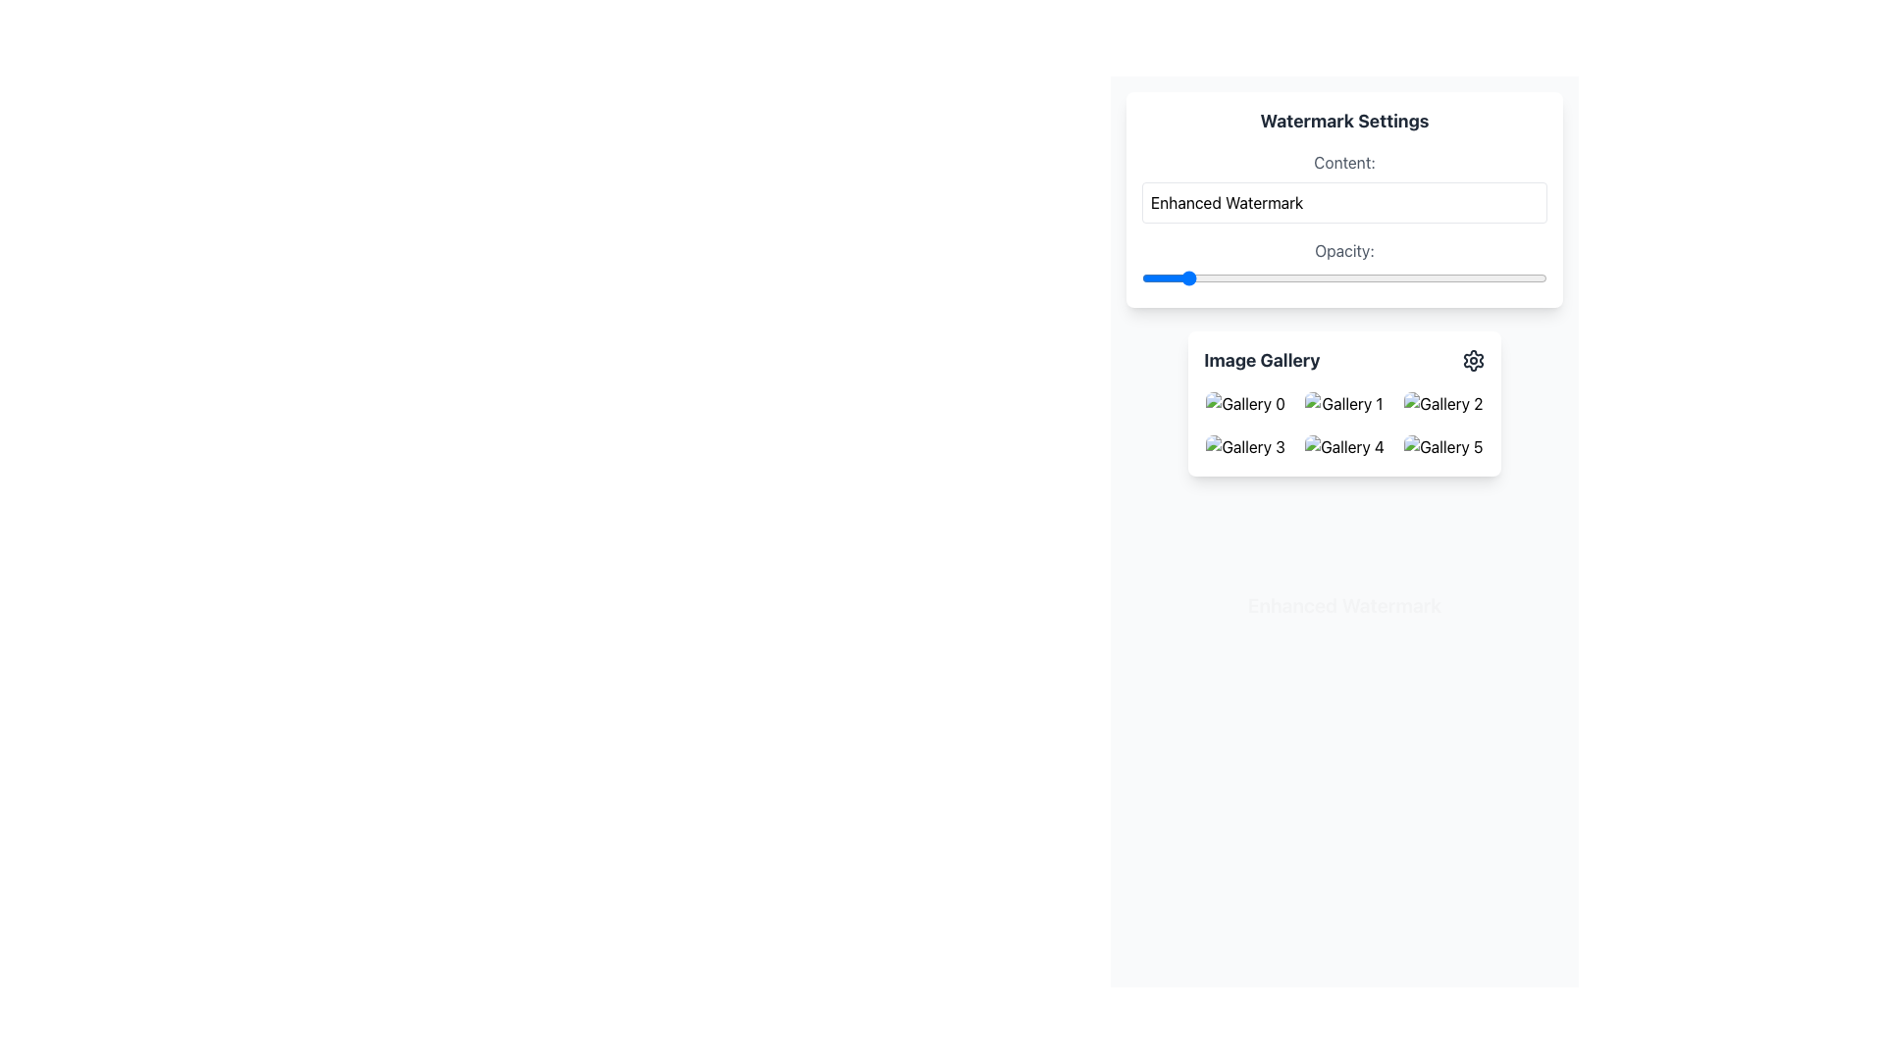  I want to click on the slider value, so click(1141, 278).